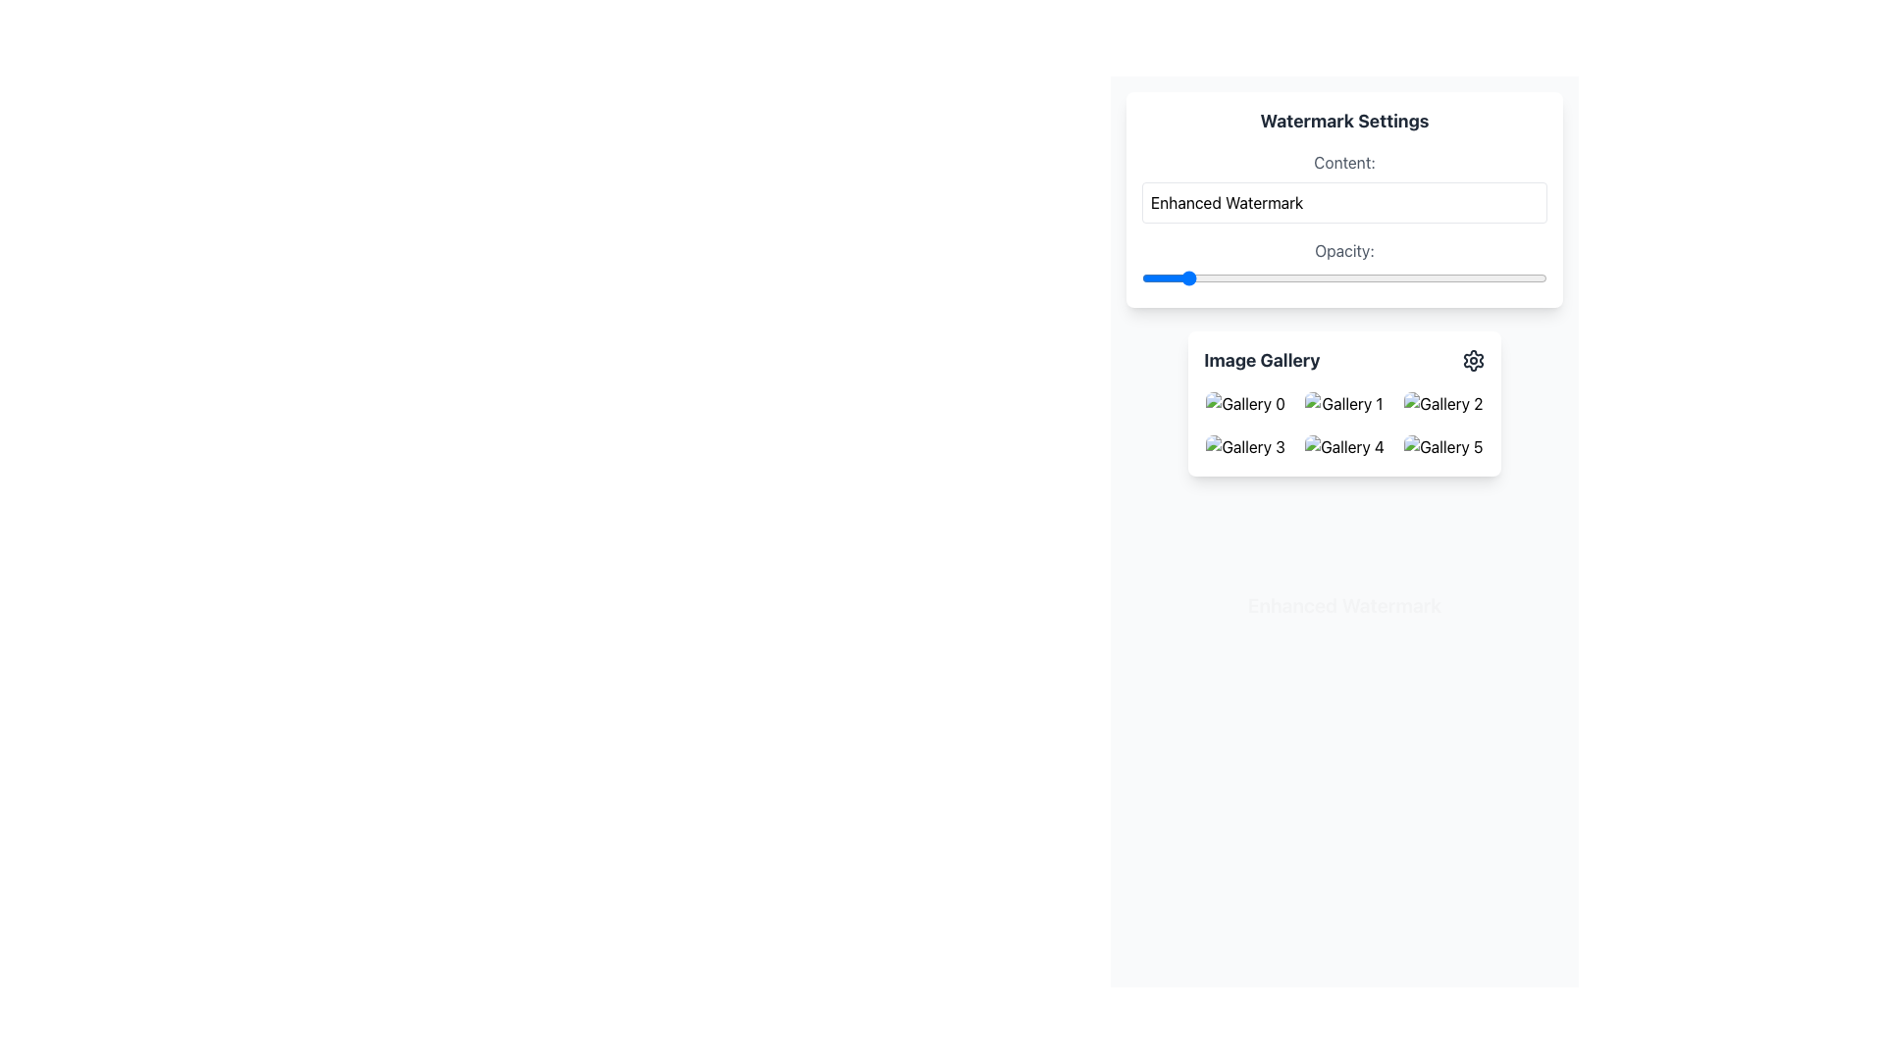  I want to click on the slider value, so click(1141, 278).